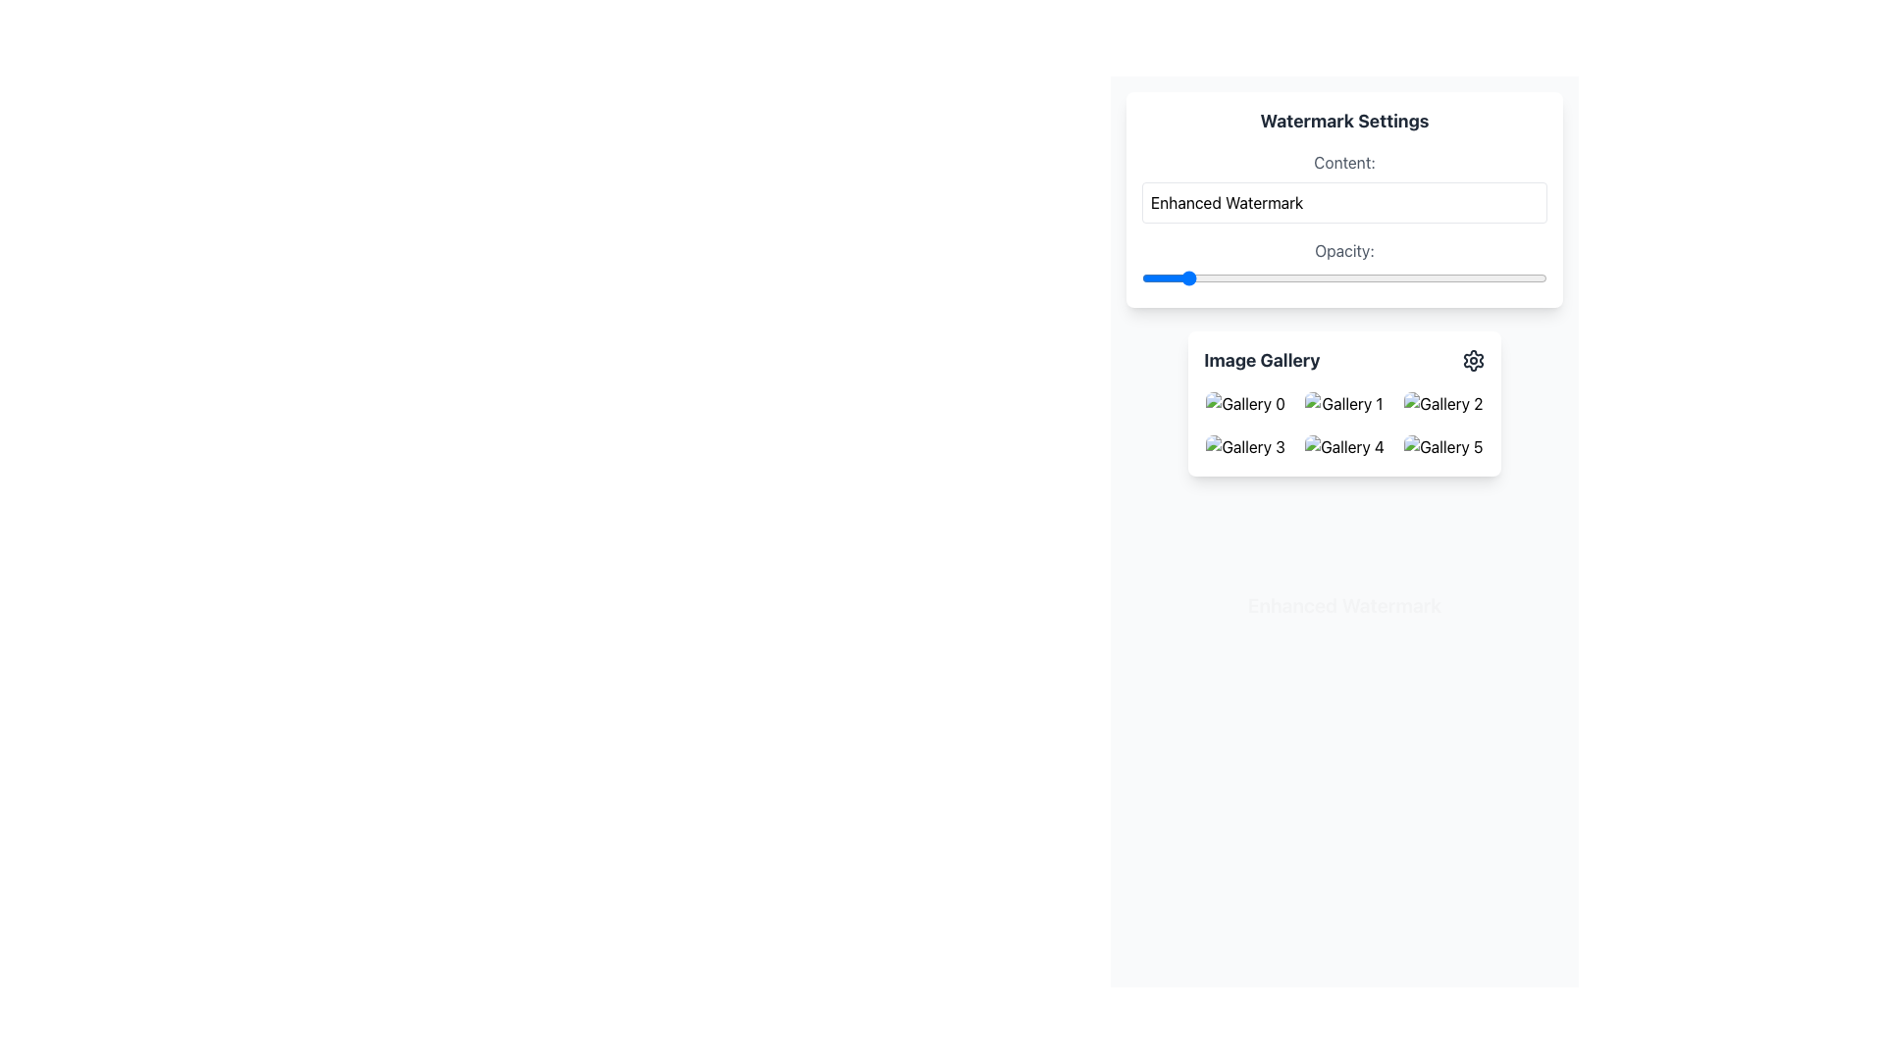  I want to click on the slider value, so click(1141, 278).